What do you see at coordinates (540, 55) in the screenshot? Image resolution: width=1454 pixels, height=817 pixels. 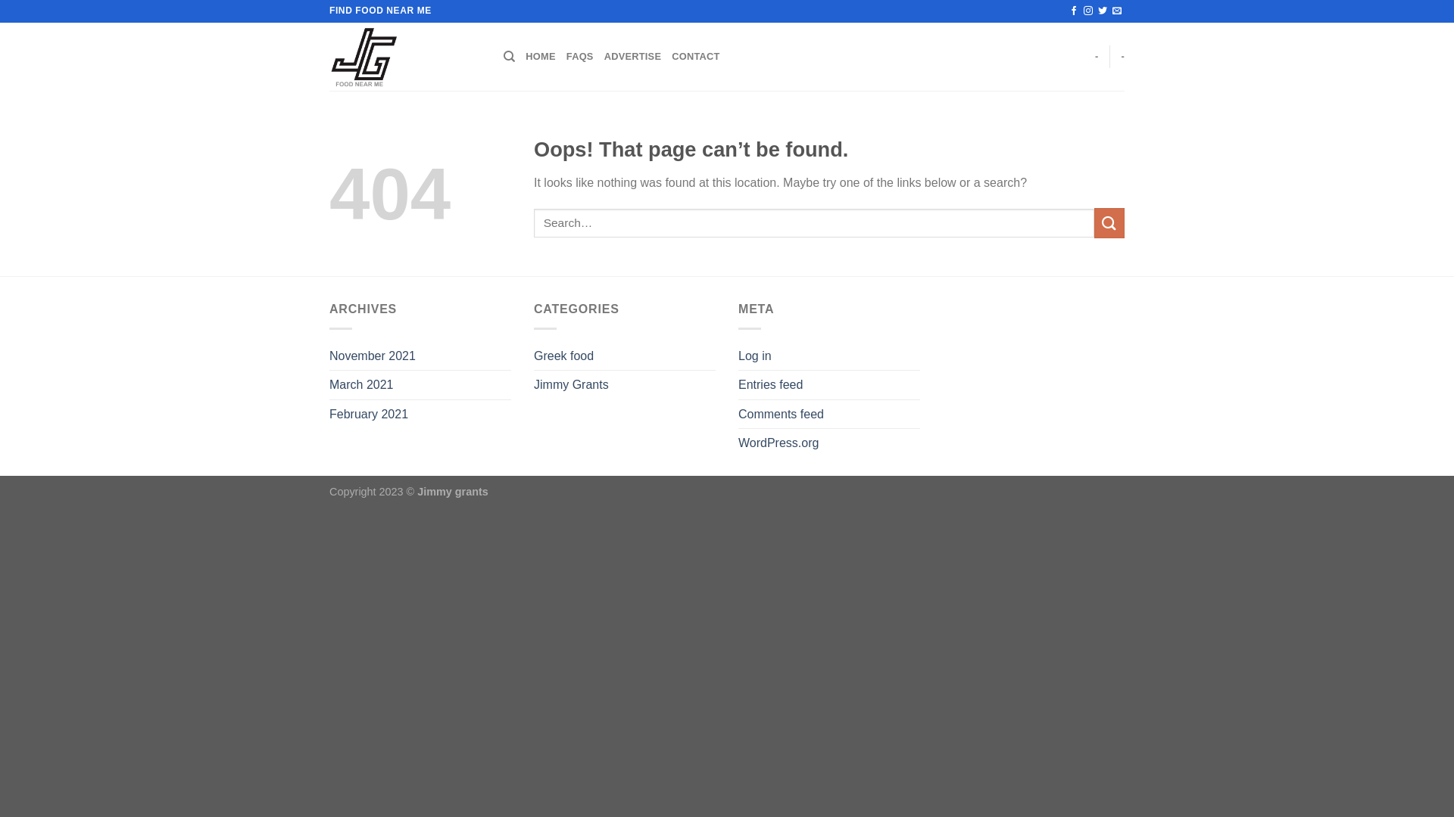 I see `'HOME'` at bounding box center [540, 55].